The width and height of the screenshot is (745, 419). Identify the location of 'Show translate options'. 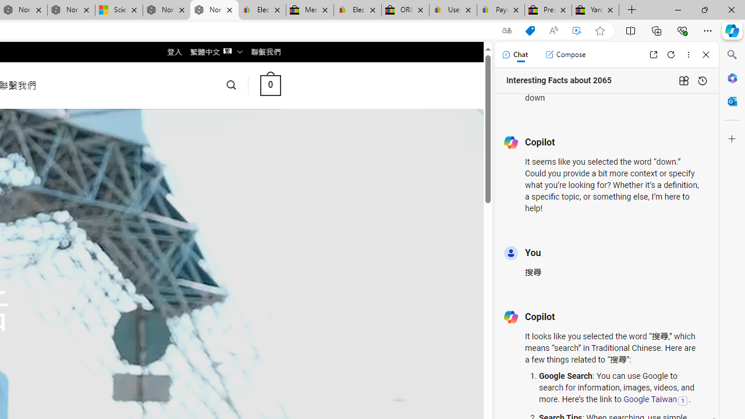
(507, 30).